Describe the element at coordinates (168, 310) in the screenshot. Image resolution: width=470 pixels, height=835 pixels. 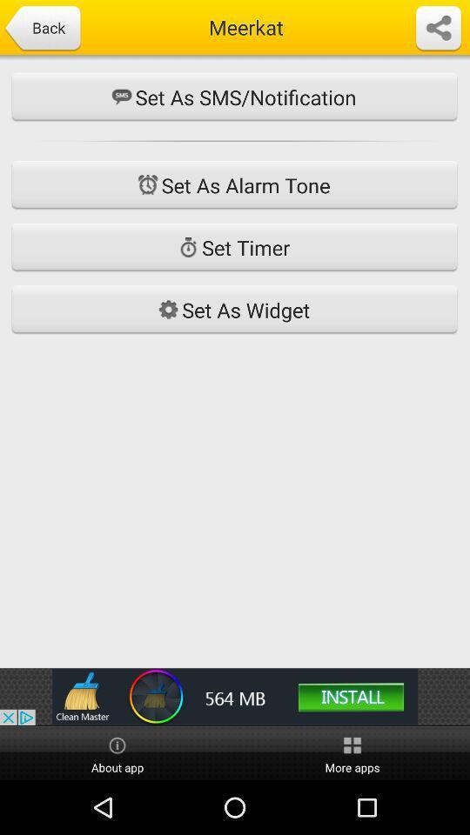
I see `a icon which is before set as widget` at that location.